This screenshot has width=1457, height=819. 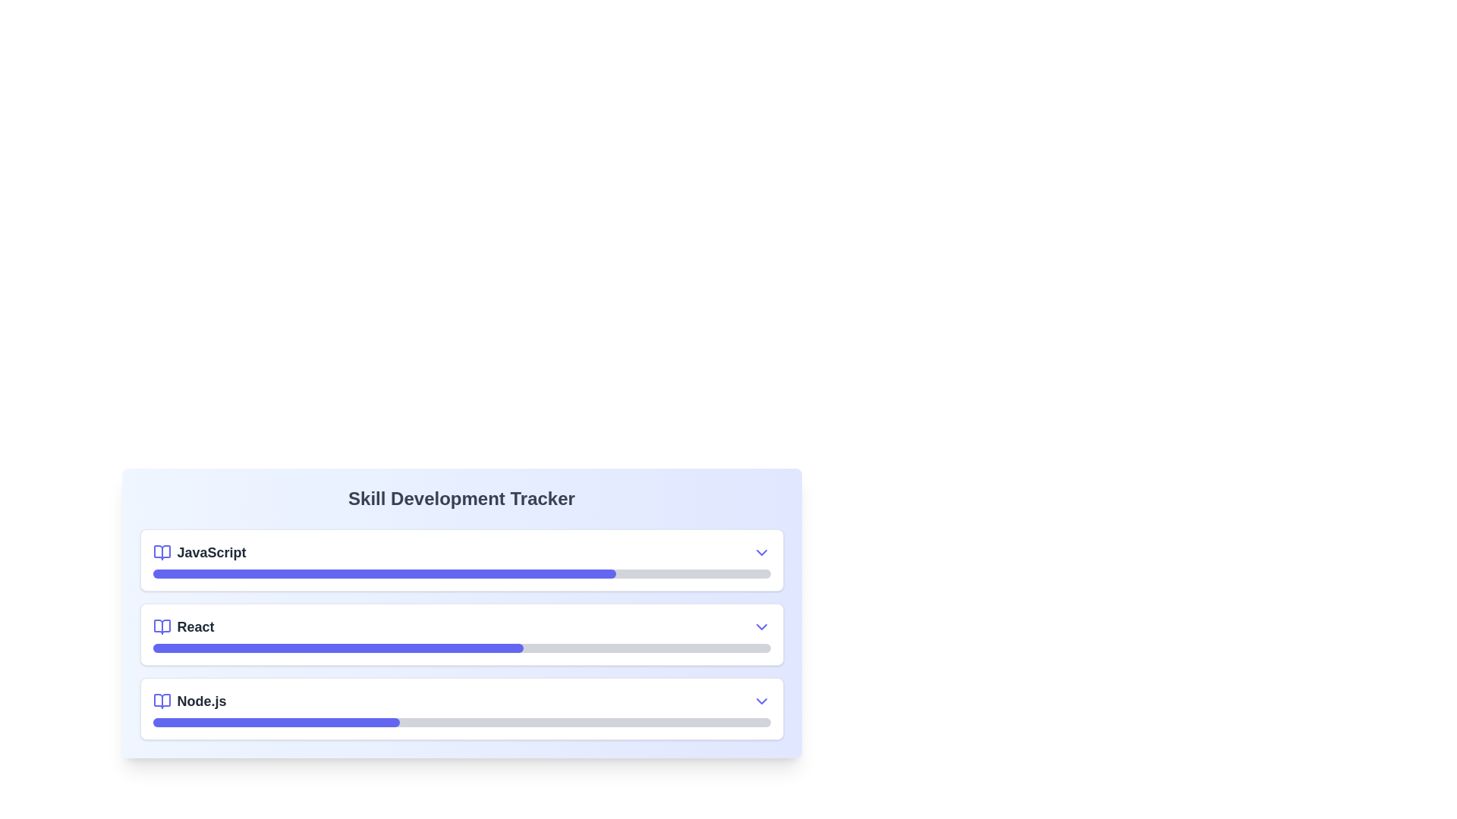 What do you see at coordinates (461, 626) in the screenshot?
I see `the 'React' list item in the 'Skill Development Tracker' section` at bounding box center [461, 626].